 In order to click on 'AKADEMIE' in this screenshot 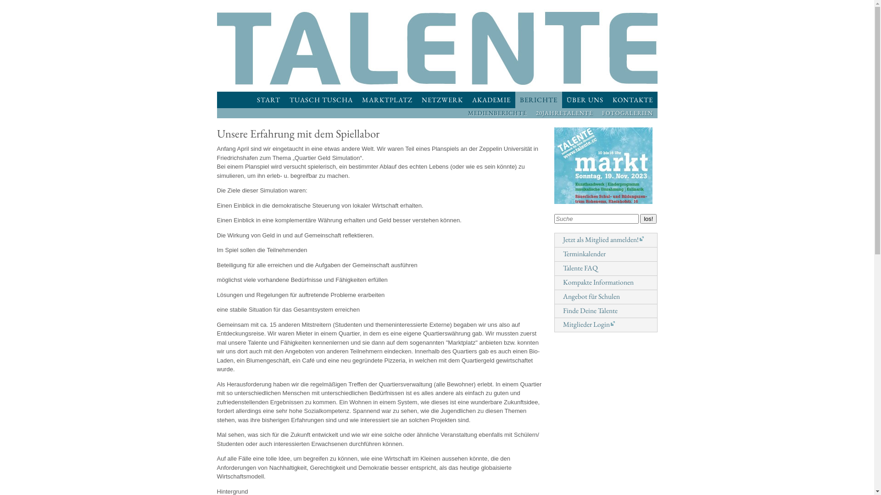, I will do `click(491, 100)`.